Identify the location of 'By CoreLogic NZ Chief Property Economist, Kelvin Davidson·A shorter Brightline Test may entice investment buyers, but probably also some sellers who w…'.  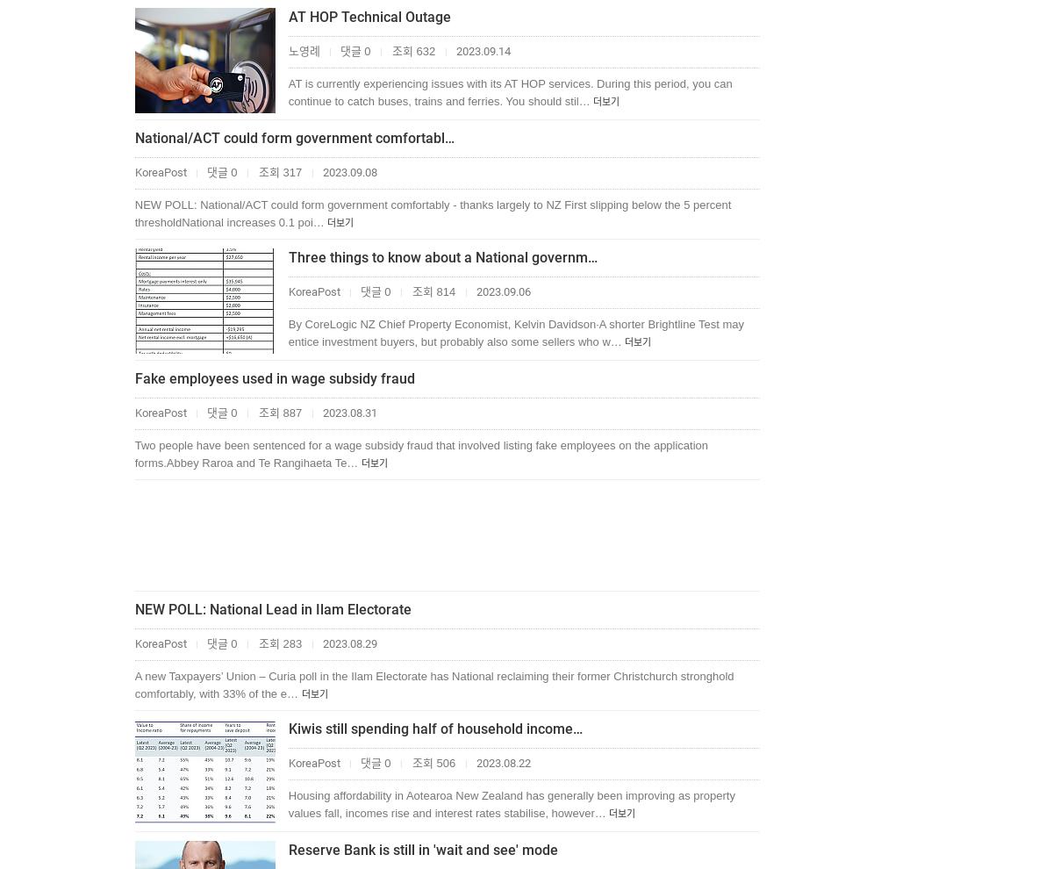
(515, 333).